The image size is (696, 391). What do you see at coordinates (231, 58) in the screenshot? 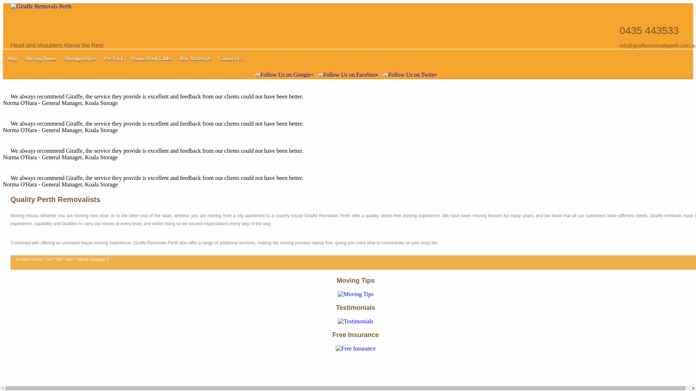
I see `'Contact Us'` at bounding box center [231, 58].